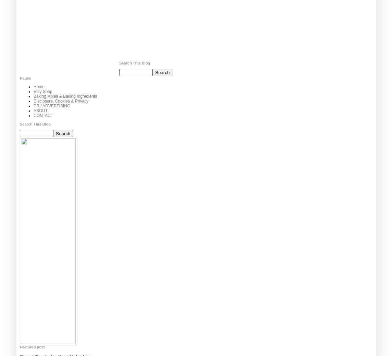  What do you see at coordinates (43, 116) in the screenshot?
I see `'CONTACT'` at bounding box center [43, 116].